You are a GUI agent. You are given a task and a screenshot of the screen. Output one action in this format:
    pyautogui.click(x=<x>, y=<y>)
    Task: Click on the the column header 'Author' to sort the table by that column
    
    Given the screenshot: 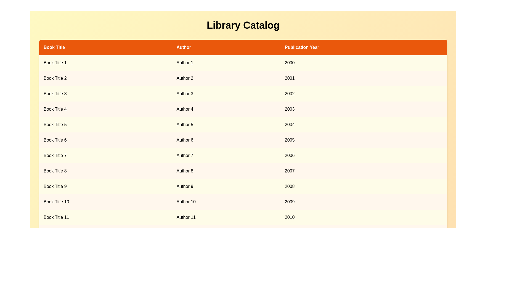 What is the action you would take?
    pyautogui.click(x=226, y=47)
    